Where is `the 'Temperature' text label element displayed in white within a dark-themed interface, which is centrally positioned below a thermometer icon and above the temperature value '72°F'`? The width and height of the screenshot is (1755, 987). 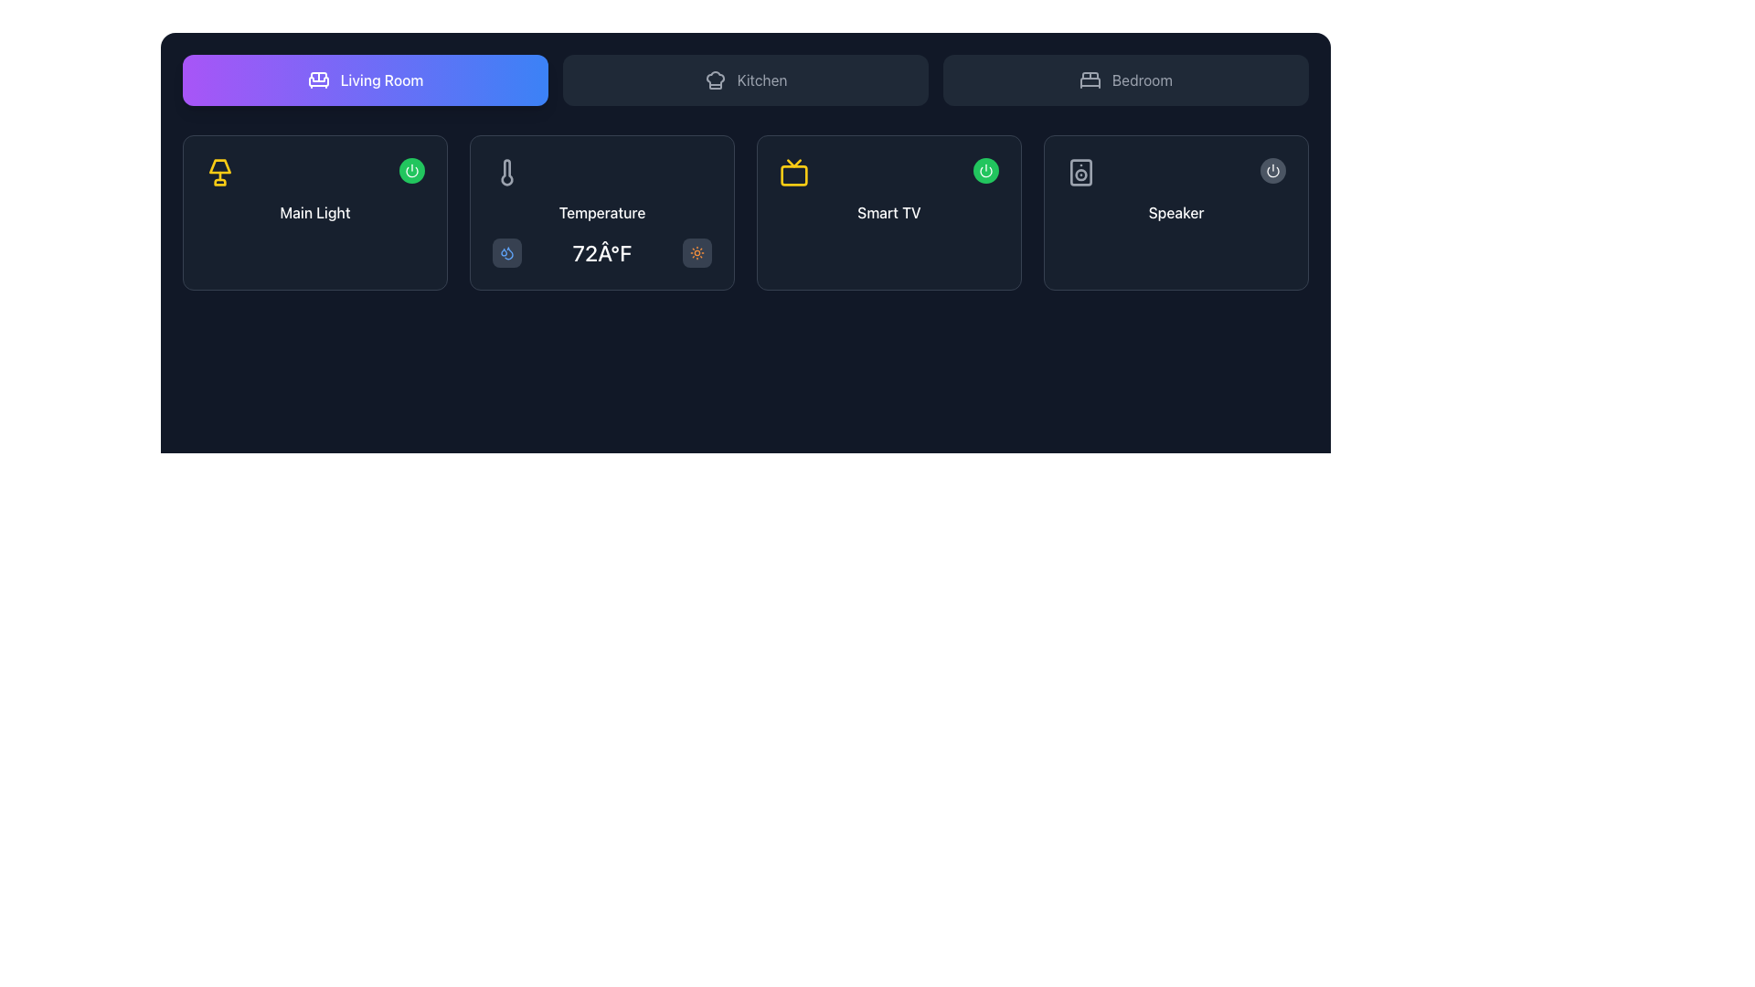 the 'Temperature' text label element displayed in white within a dark-themed interface, which is centrally positioned below a thermometer icon and above the temperature value '72°F' is located at coordinates (601, 211).